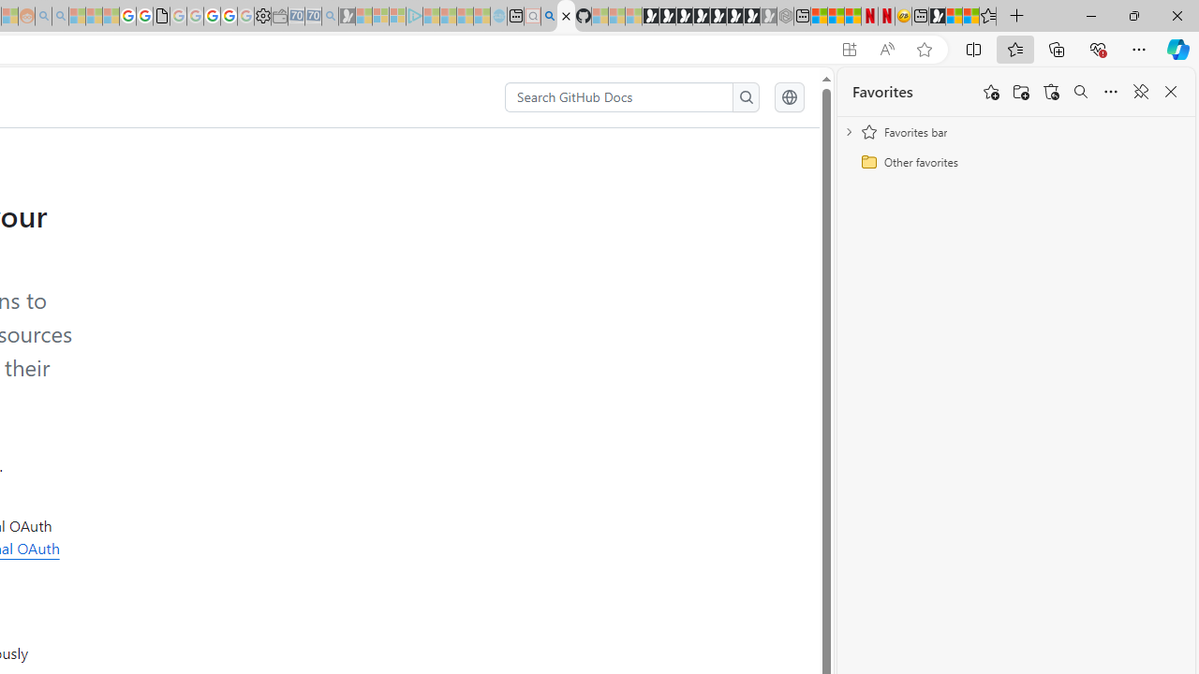 The image size is (1199, 674). I want to click on 'MSN', so click(937, 16).